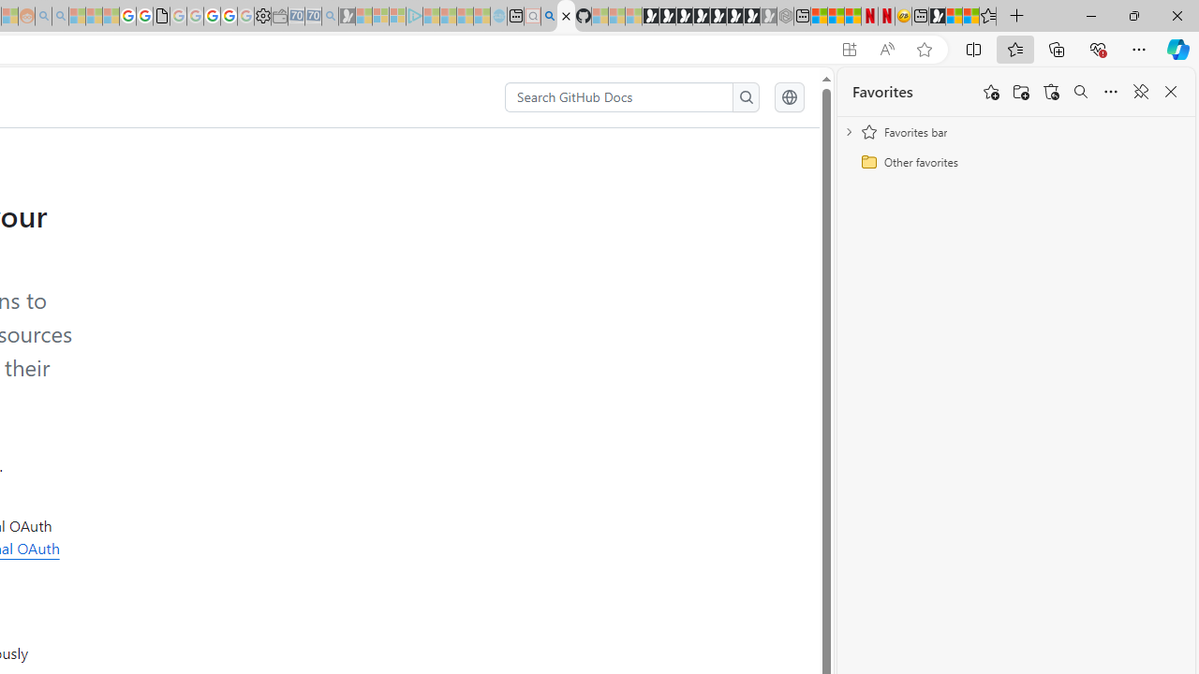 The image size is (1199, 674). I want to click on 'MSN', so click(937, 16).